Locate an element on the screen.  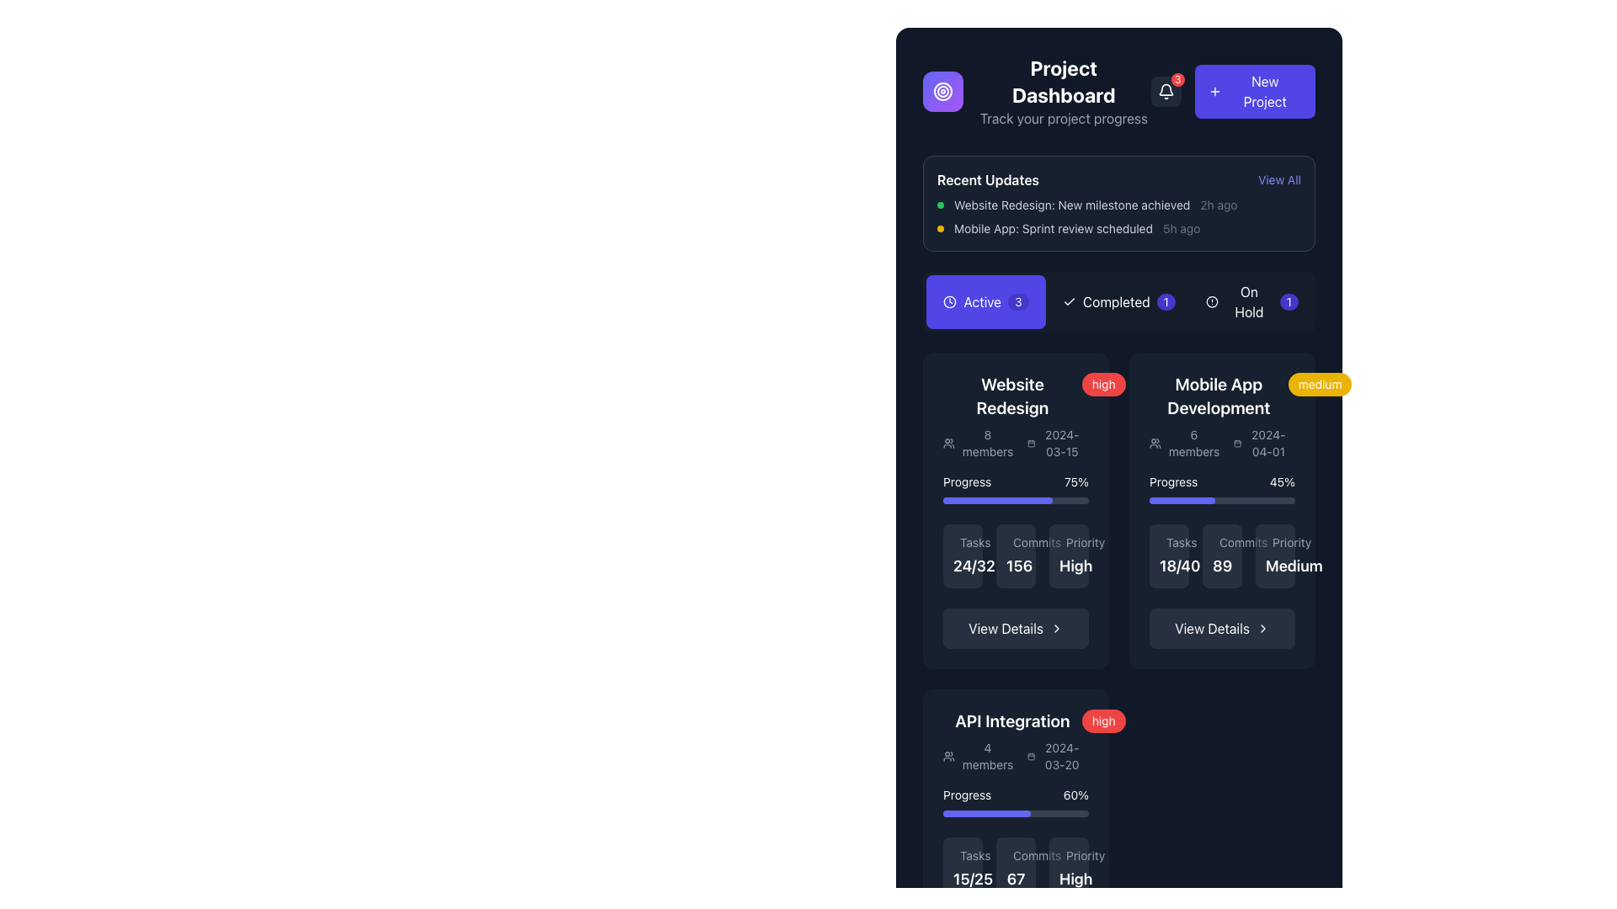
the progress bar representing the task completion percentage of the 'Website Redesign' project, located below the 'Progress' label and the '75%' text is located at coordinates (1015, 499).